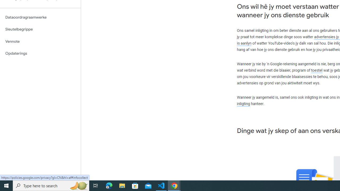  Describe the element at coordinates (317, 70) in the screenshot. I see `'toestel'` at that location.